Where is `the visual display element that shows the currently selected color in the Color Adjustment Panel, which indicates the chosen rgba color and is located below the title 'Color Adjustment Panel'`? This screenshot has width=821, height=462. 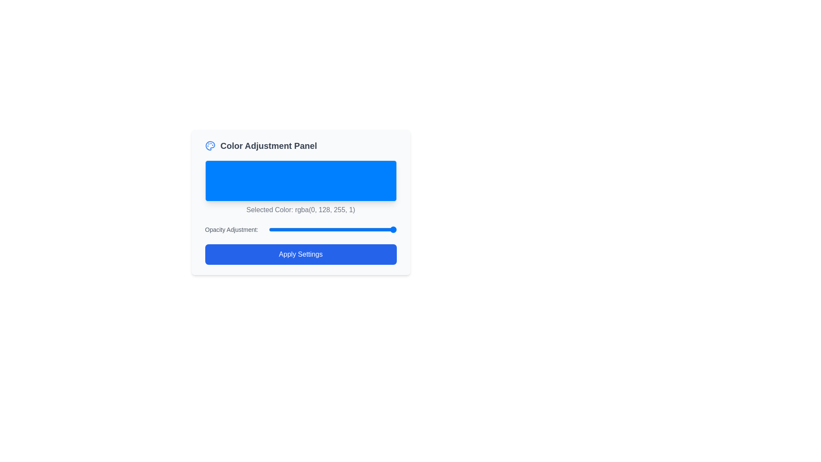
the visual display element that shows the currently selected color in the Color Adjustment Panel, which indicates the chosen rgba color and is located below the title 'Color Adjustment Panel' is located at coordinates (301, 187).